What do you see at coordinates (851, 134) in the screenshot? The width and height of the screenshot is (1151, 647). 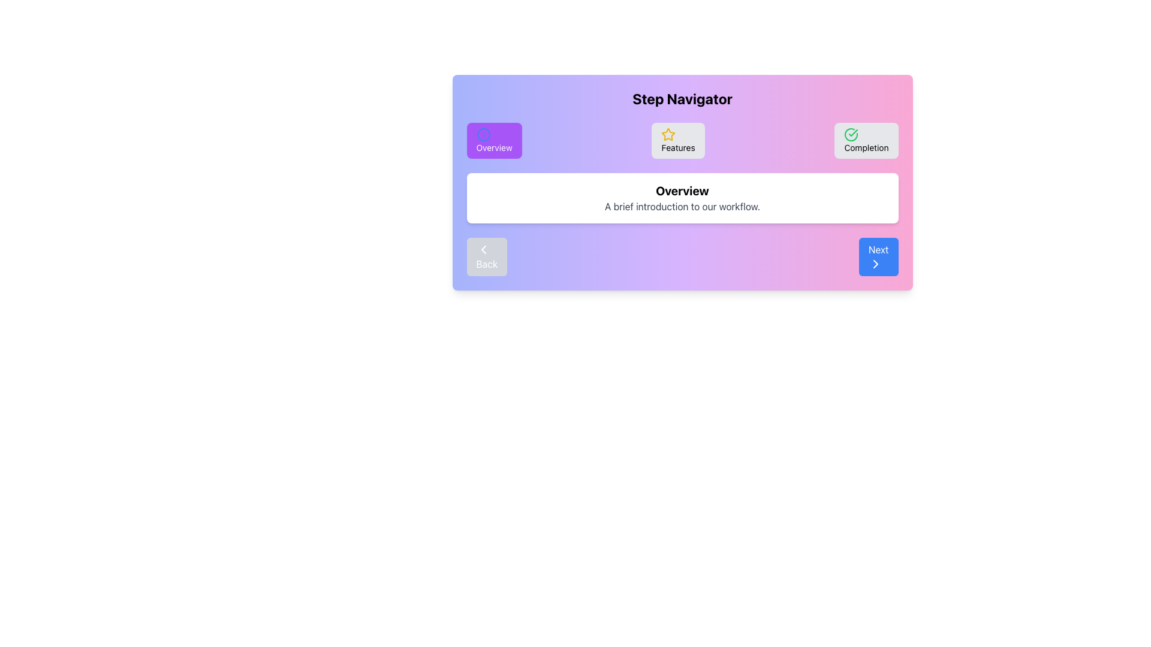 I see `the green circular checkmark icon in the top-right segment of the interface that indicates a step marked as completed` at bounding box center [851, 134].